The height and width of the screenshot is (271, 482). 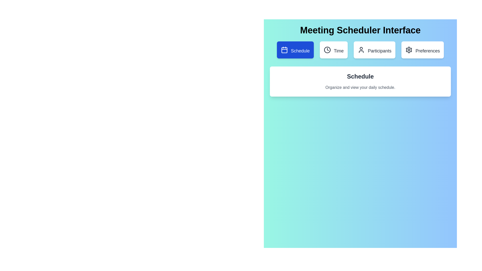 What do you see at coordinates (327, 50) in the screenshot?
I see `the circular SVG element forming the outer boundary of the clock icon located in the second button labeled 'Time' in the top horizontal navigation bar` at bounding box center [327, 50].